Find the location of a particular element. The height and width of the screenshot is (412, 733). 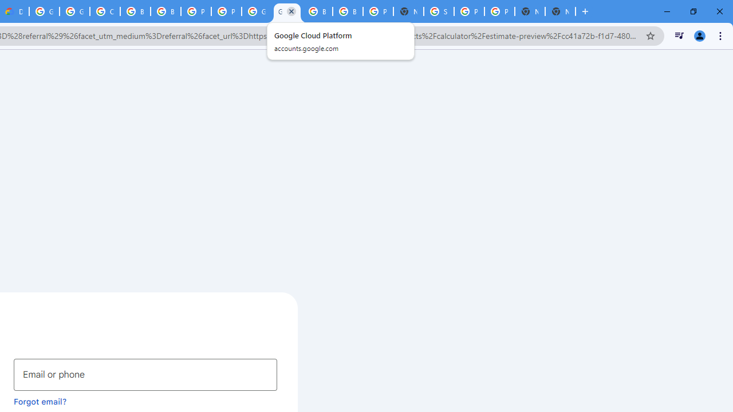

'Sign in - Google Accounts' is located at coordinates (438, 11).